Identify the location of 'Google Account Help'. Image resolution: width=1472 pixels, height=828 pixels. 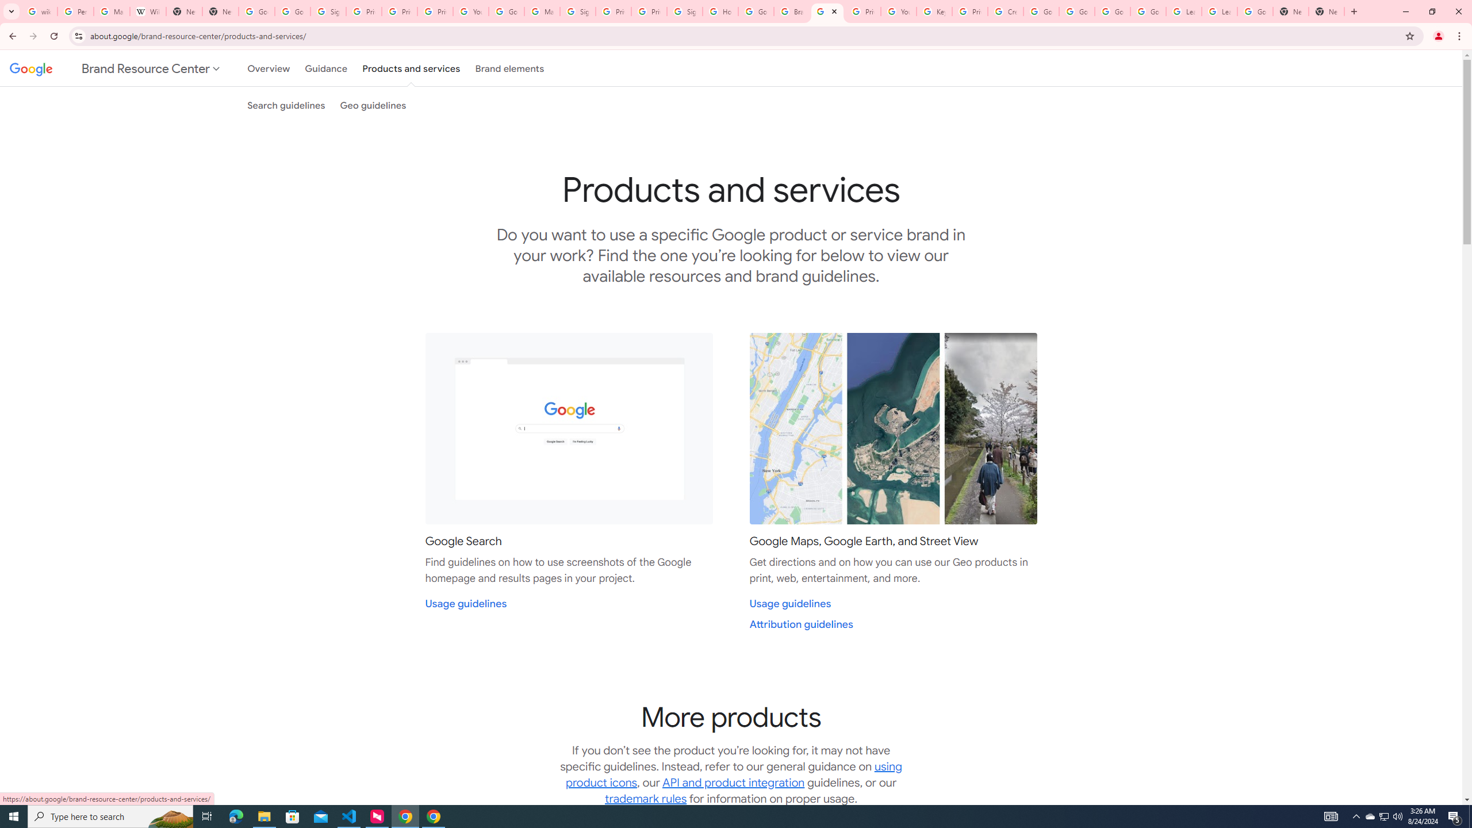
(1076, 11).